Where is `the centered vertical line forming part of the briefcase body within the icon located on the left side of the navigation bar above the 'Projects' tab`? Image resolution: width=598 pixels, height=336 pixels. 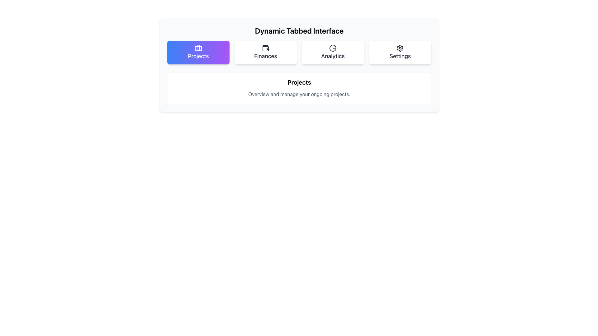
the centered vertical line forming part of the briefcase body within the icon located on the left side of the navigation bar above the 'Projects' tab is located at coordinates (198, 48).